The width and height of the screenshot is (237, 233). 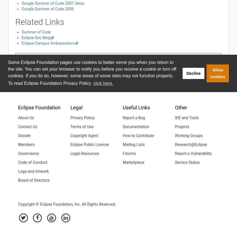 I want to click on 'Summer of Code', so click(x=36, y=31).